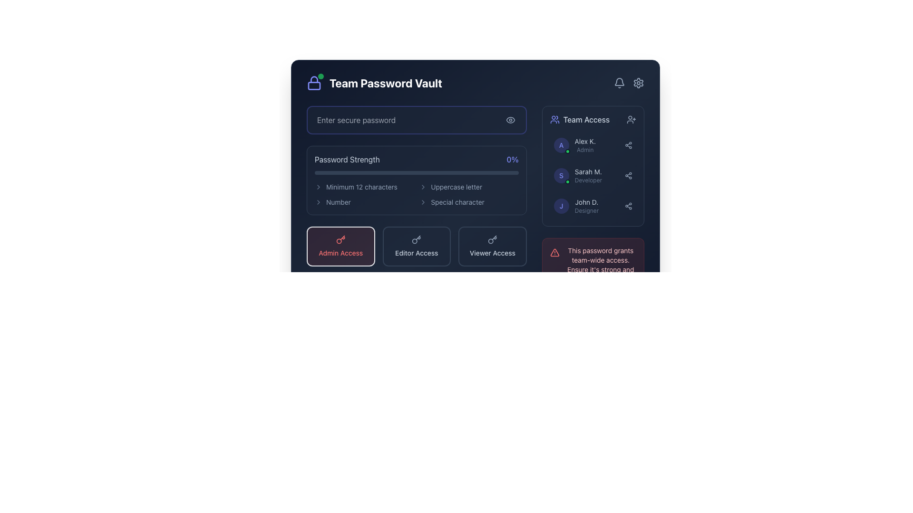 Image resolution: width=913 pixels, height=513 pixels. What do you see at coordinates (586, 119) in the screenshot?
I see `the 'Team Access' text label in the upper-right panel` at bounding box center [586, 119].